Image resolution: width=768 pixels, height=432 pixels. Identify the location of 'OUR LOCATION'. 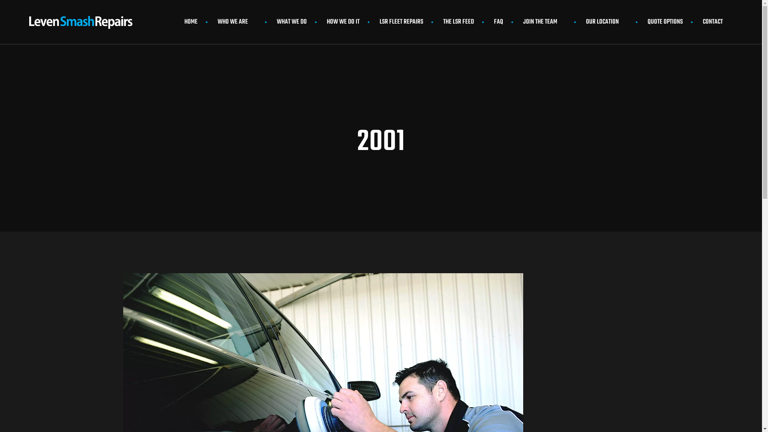
(606, 21).